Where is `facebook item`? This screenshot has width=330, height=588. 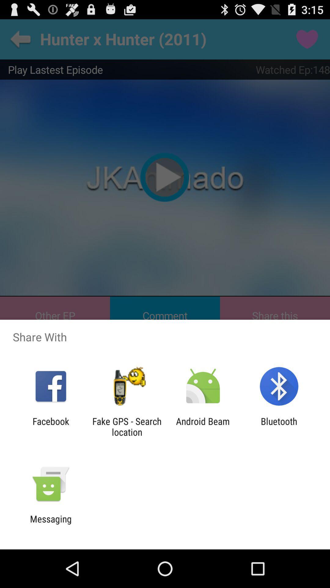 facebook item is located at coordinates (50, 426).